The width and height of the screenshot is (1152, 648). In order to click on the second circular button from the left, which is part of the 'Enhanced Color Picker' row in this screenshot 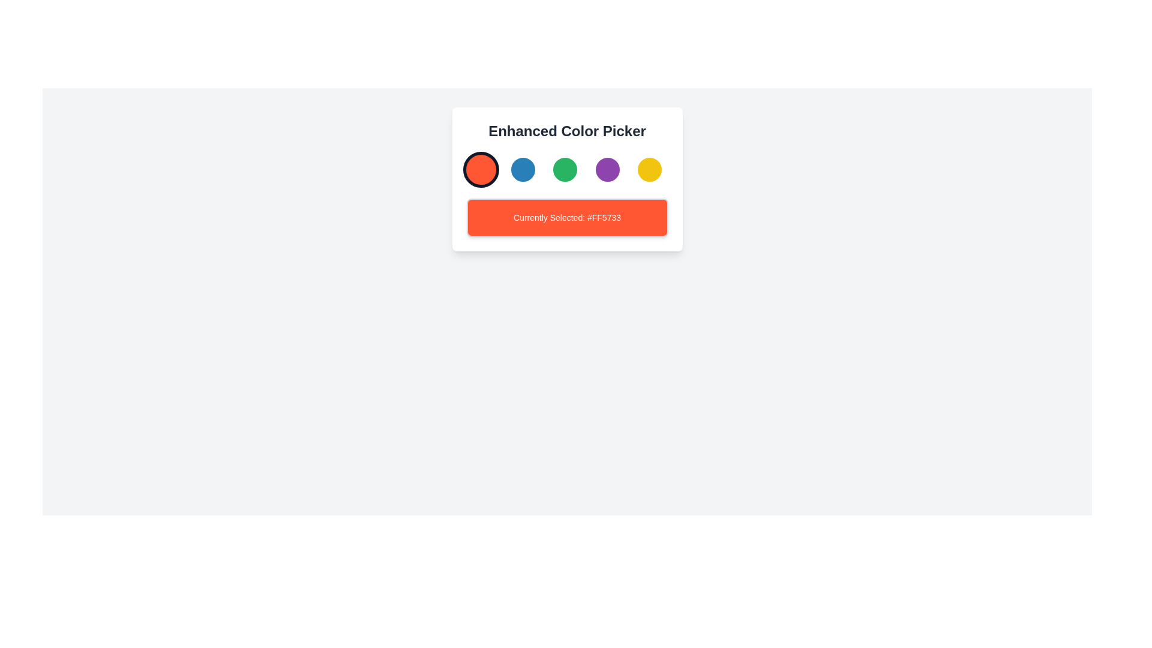, I will do `click(523, 169)`.